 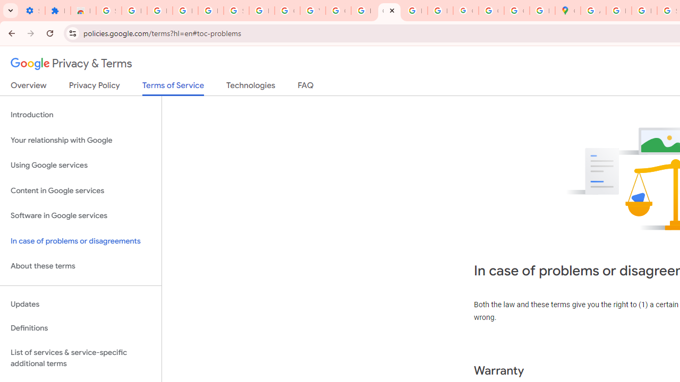 What do you see at coordinates (108, 11) in the screenshot?
I see `'Sign in - Google Accounts'` at bounding box center [108, 11].